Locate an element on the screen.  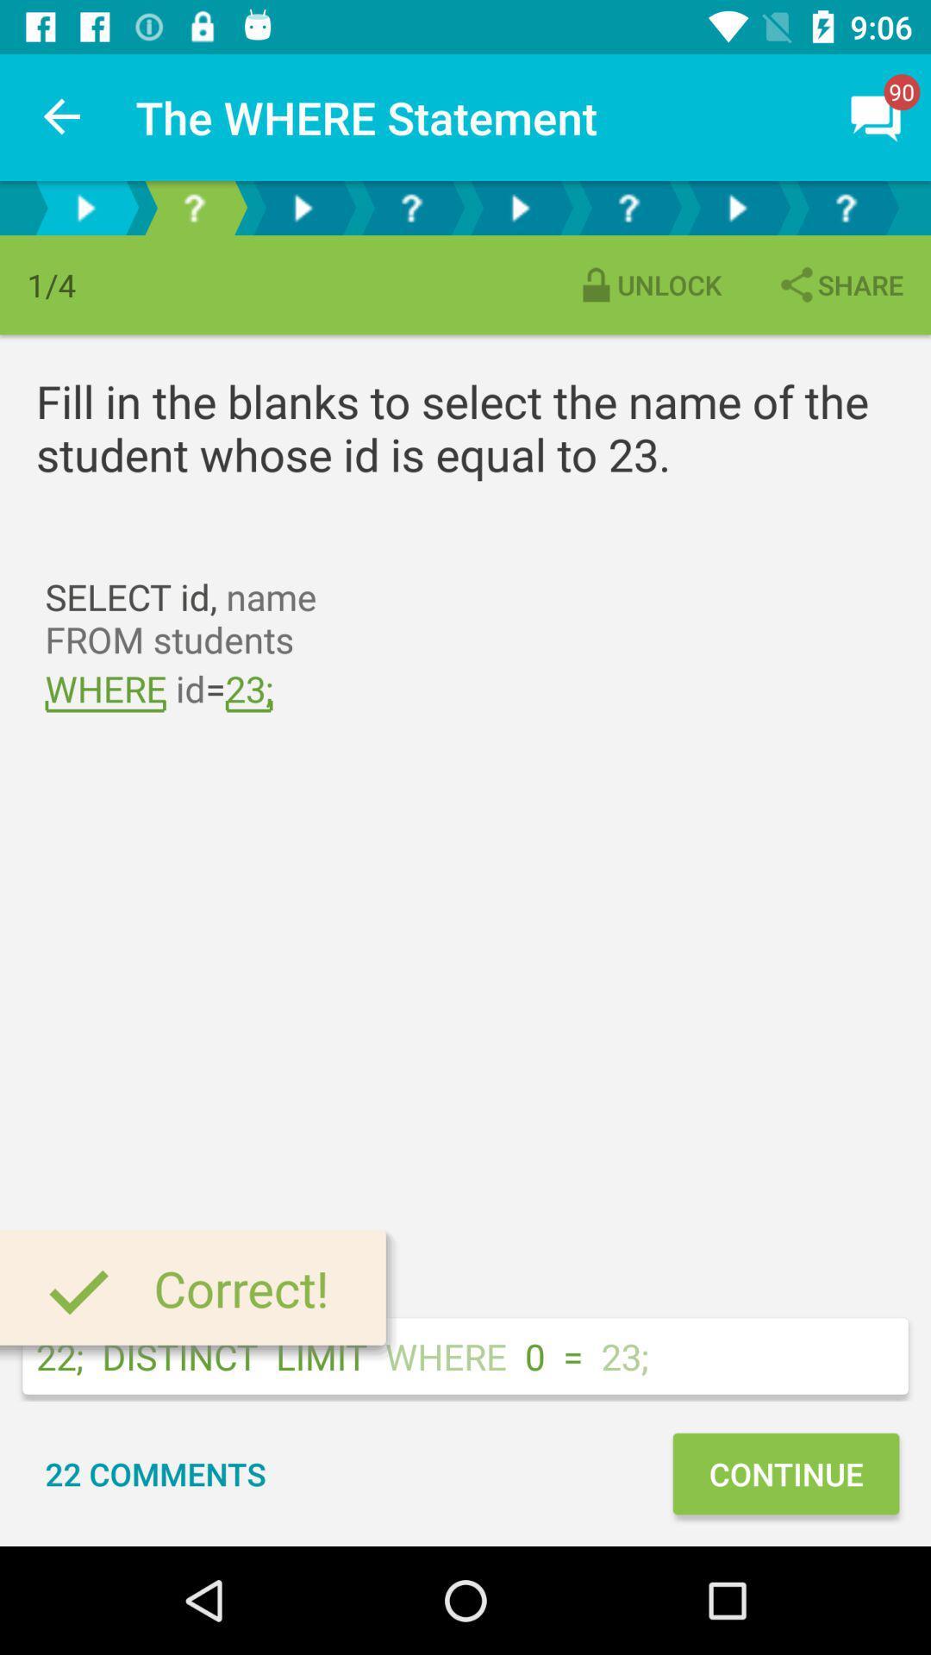
item to the right of the unlock is located at coordinates (839, 284).